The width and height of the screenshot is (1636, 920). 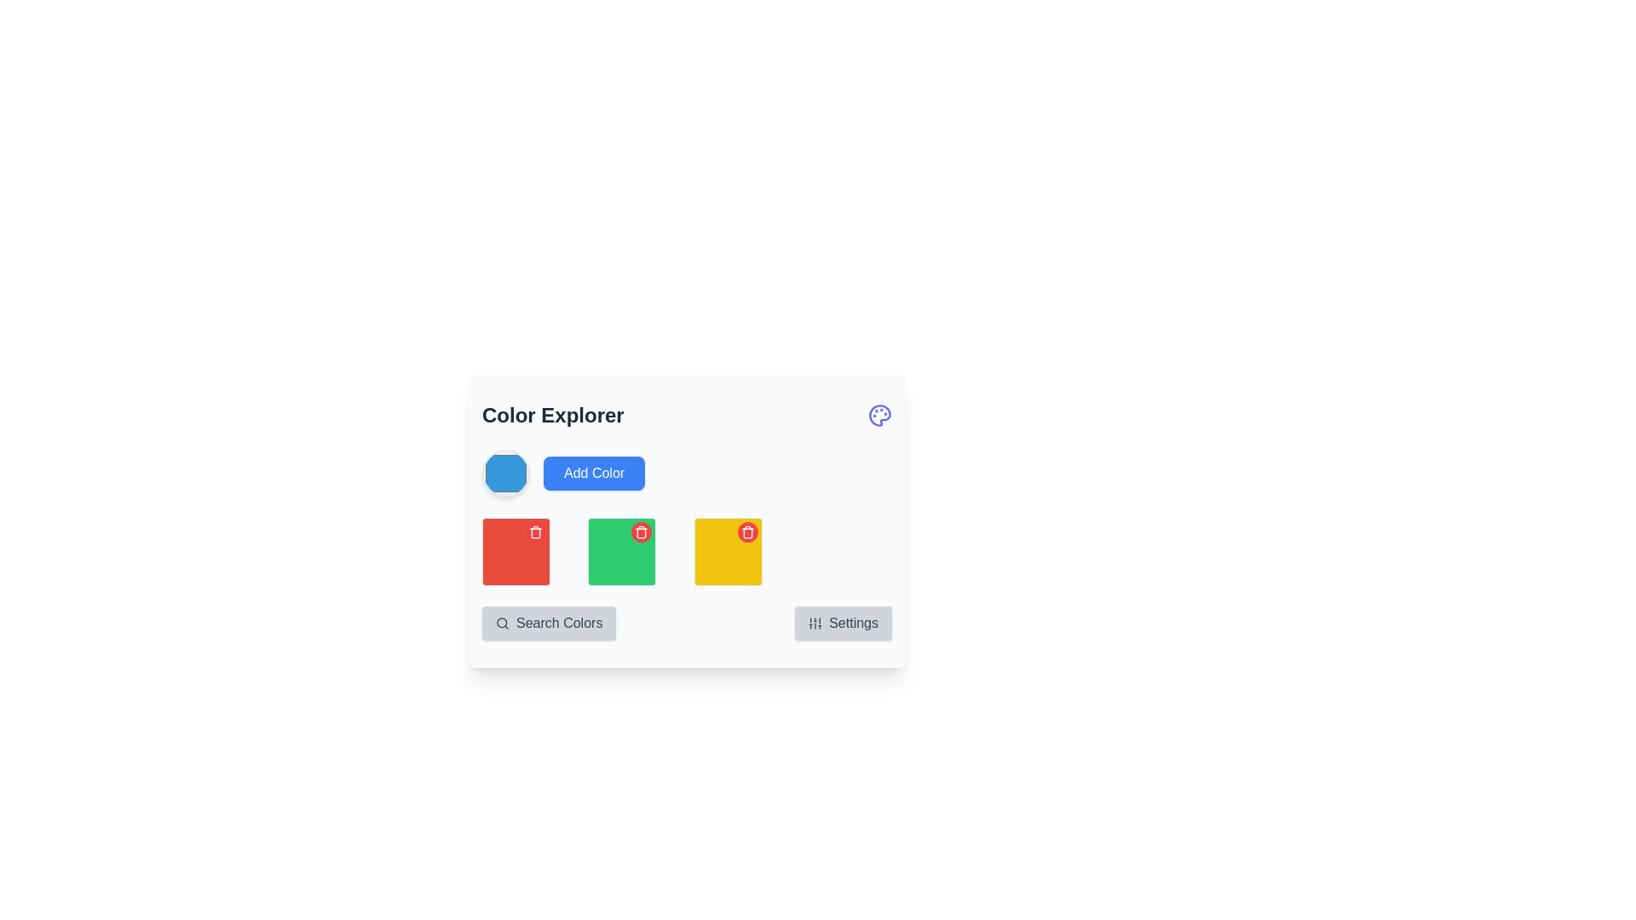 What do you see at coordinates (879, 416) in the screenshot?
I see `the illustrative icon representing the color palette located at the top-right corner of the 'Color Explorer' section, adjacent to the title 'Color Explorer'` at bounding box center [879, 416].